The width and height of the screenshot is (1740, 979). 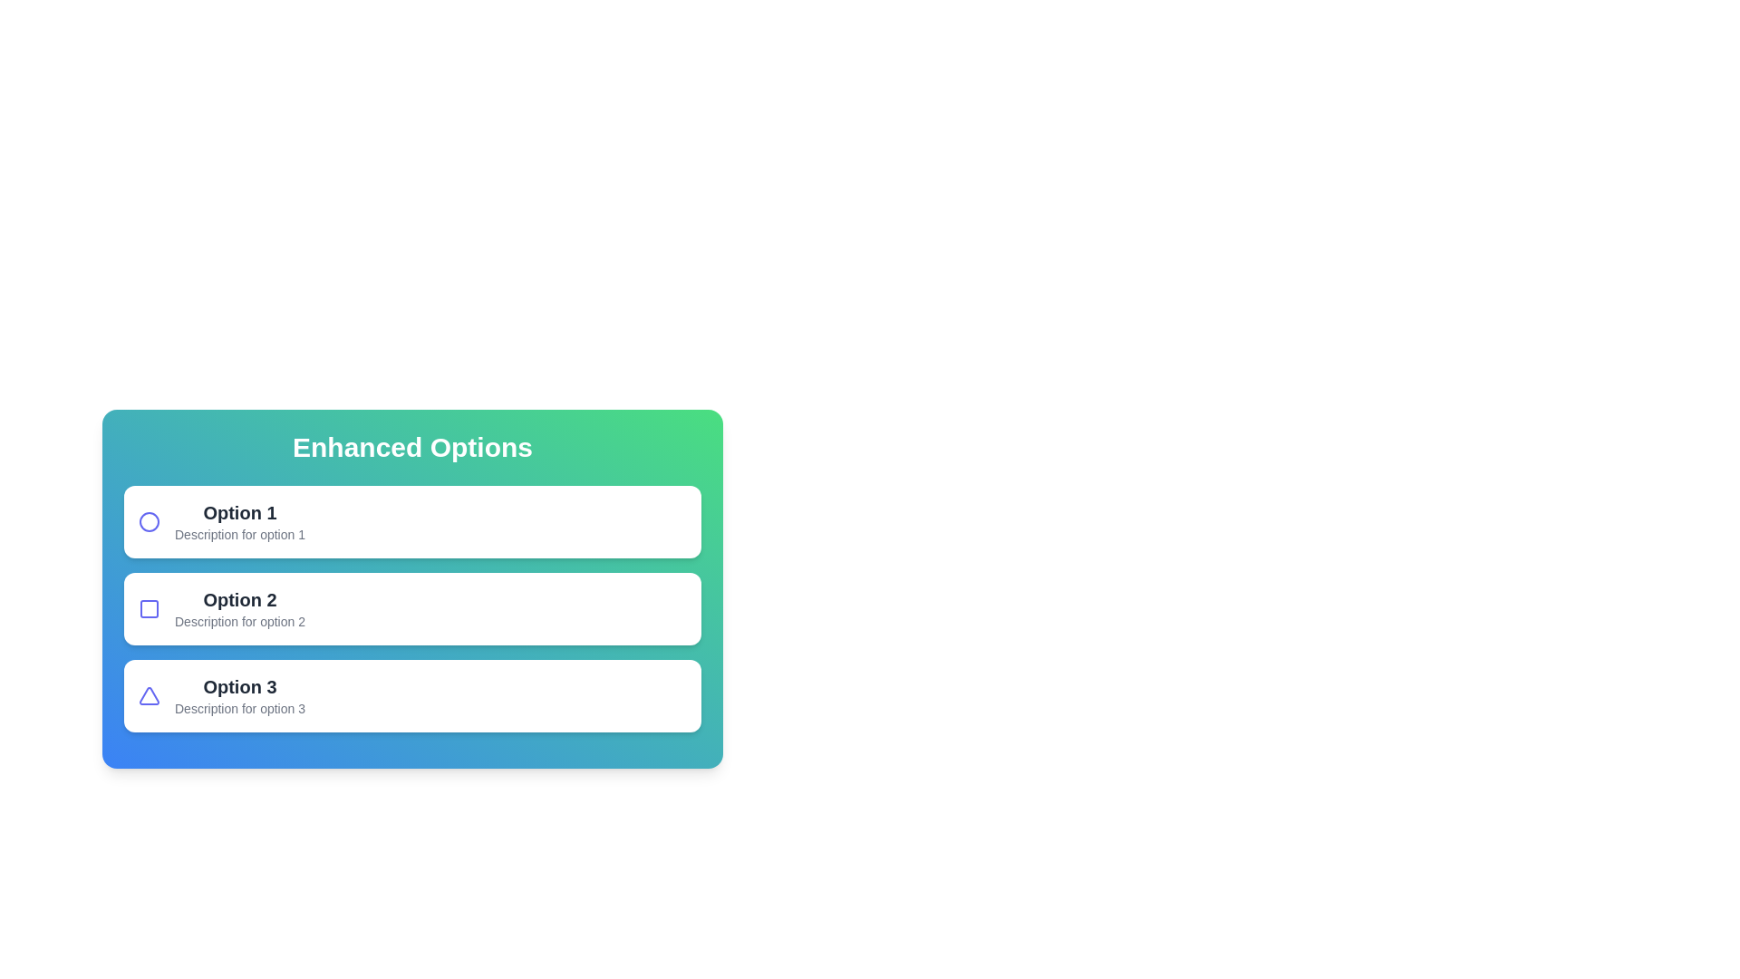 I want to click on the second selectable option's textual label in the list, which is located between 'Option 1' and 'Option 3', so click(x=238, y=600).